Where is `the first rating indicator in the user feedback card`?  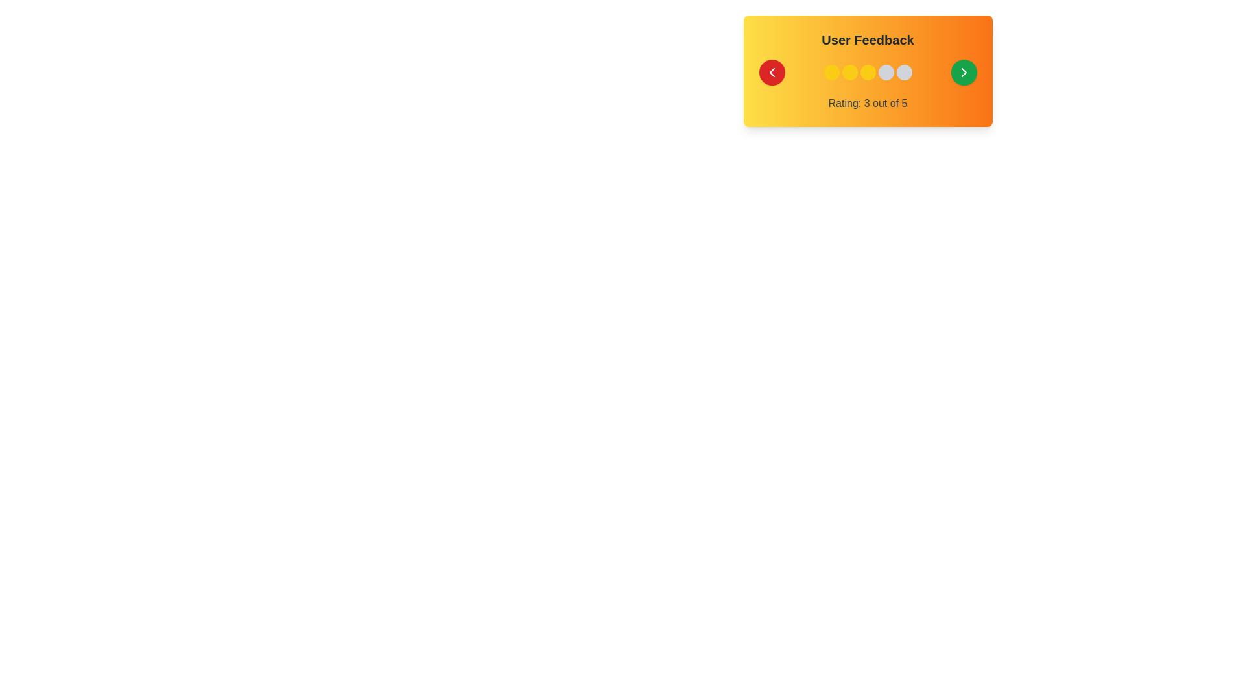 the first rating indicator in the user feedback card is located at coordinates (831, 72).